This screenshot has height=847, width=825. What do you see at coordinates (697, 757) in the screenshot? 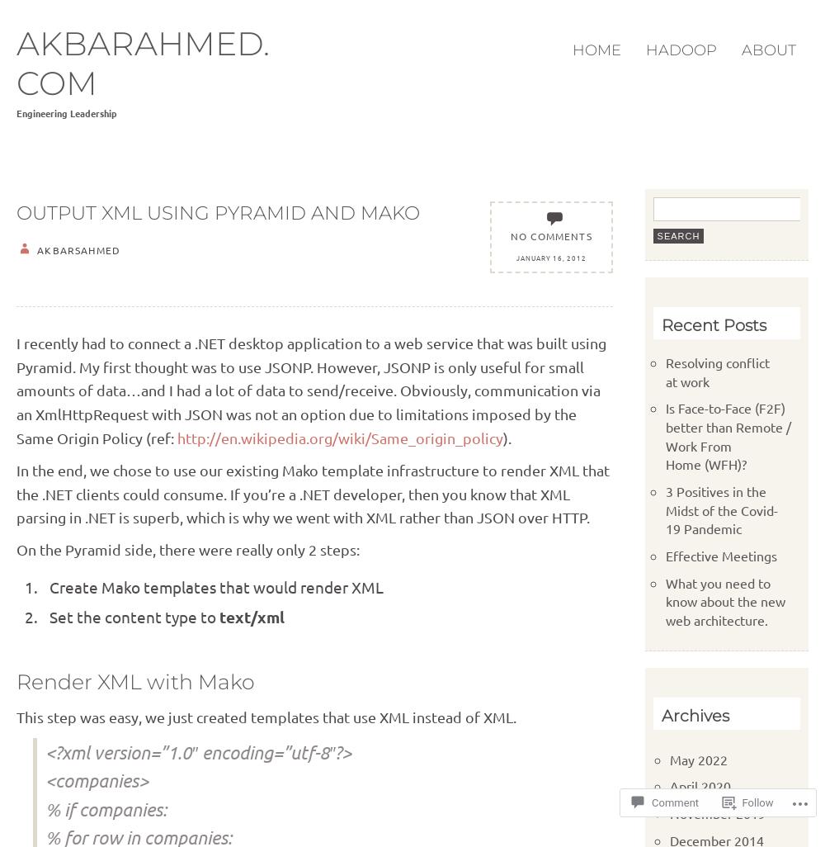
I see `'May 2022'` at bounding box center [697, 757].